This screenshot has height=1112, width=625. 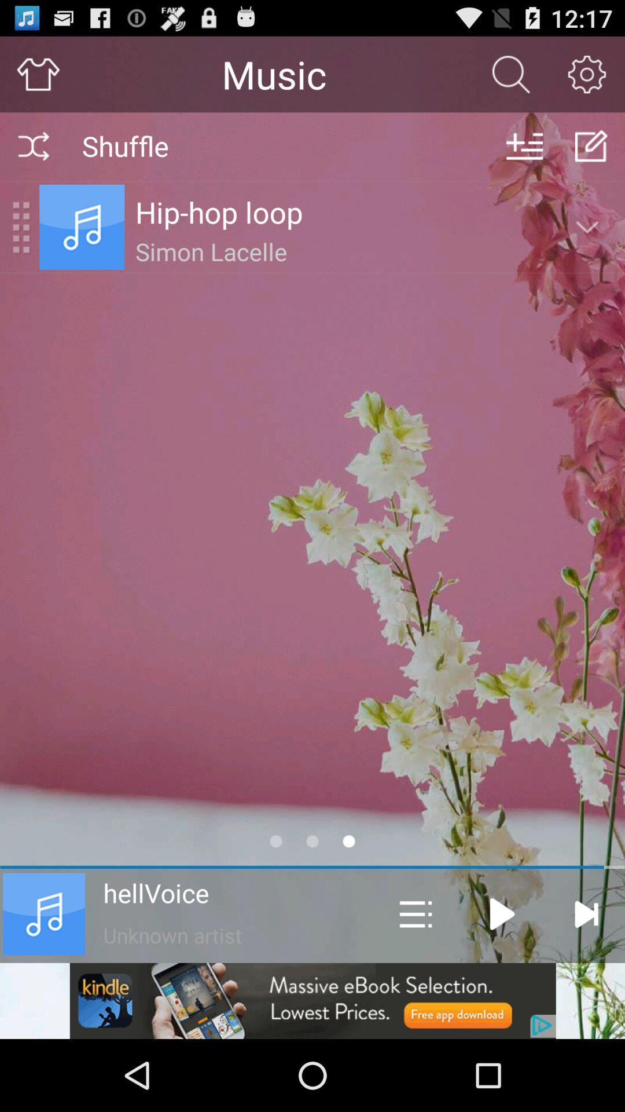 What do you see at coordinates (510, 74) in the screenshot?
I see `search icon` at bounding box center [510, 74].